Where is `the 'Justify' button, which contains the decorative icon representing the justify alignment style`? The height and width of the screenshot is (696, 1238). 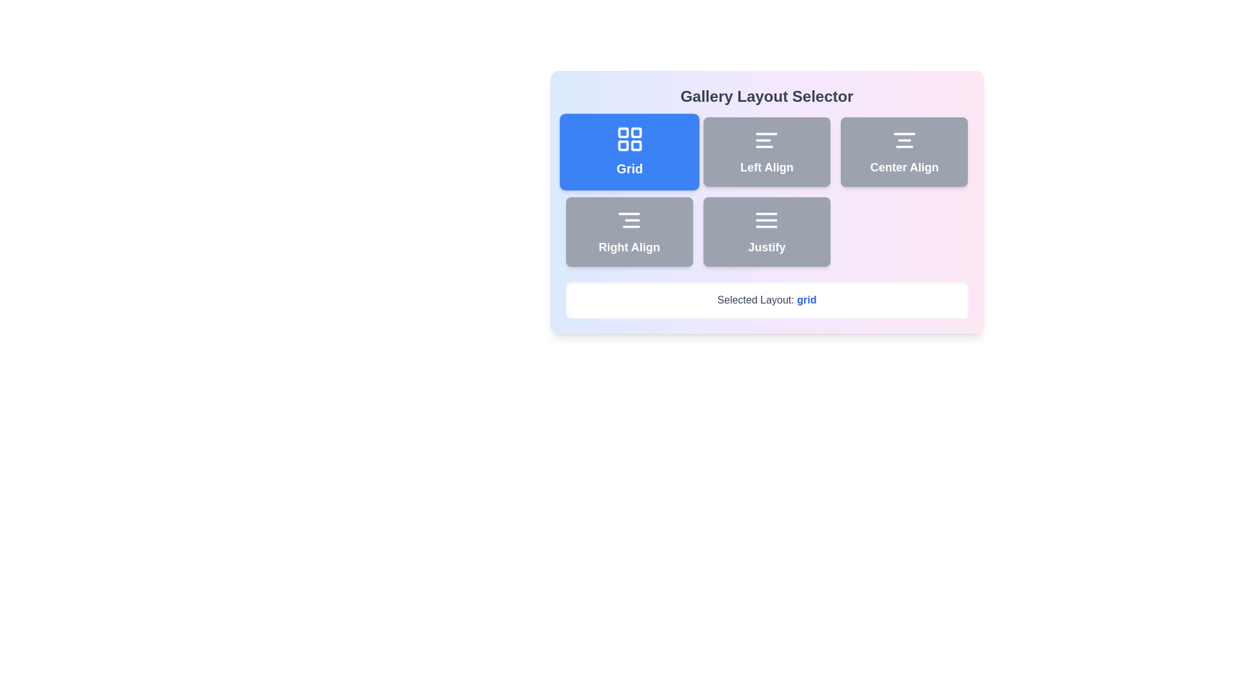 the 'Justify' button, which contains the decorative icon representing the justify alignment style is located at coordinates (767, 220).